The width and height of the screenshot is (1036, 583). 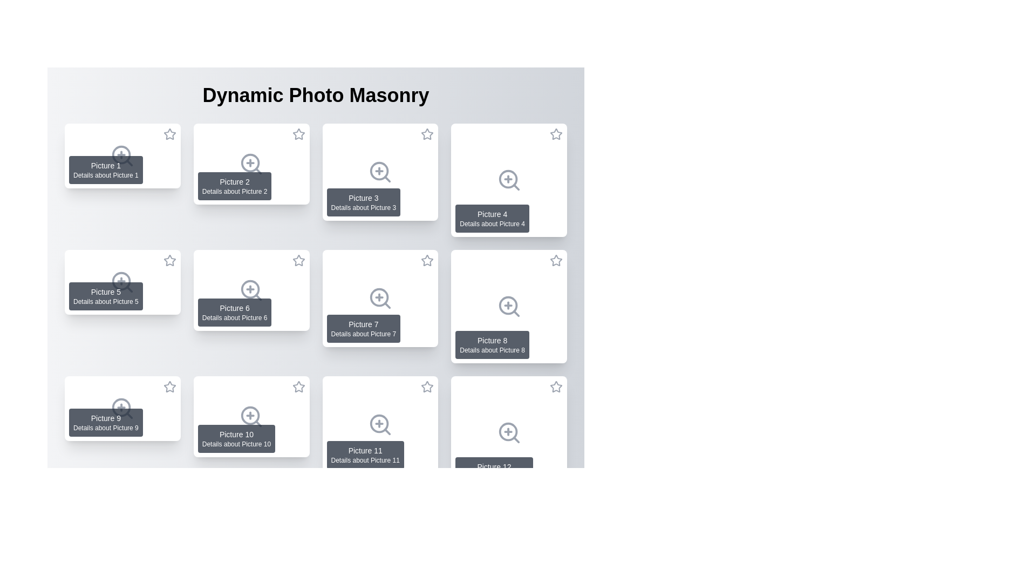 What do you see at coordinates (298, 135) in the screenshot?
I see `the star icon with a gray outline located in the top-right corner of the 'Picture 2' card` at bounding box center [298, 135].